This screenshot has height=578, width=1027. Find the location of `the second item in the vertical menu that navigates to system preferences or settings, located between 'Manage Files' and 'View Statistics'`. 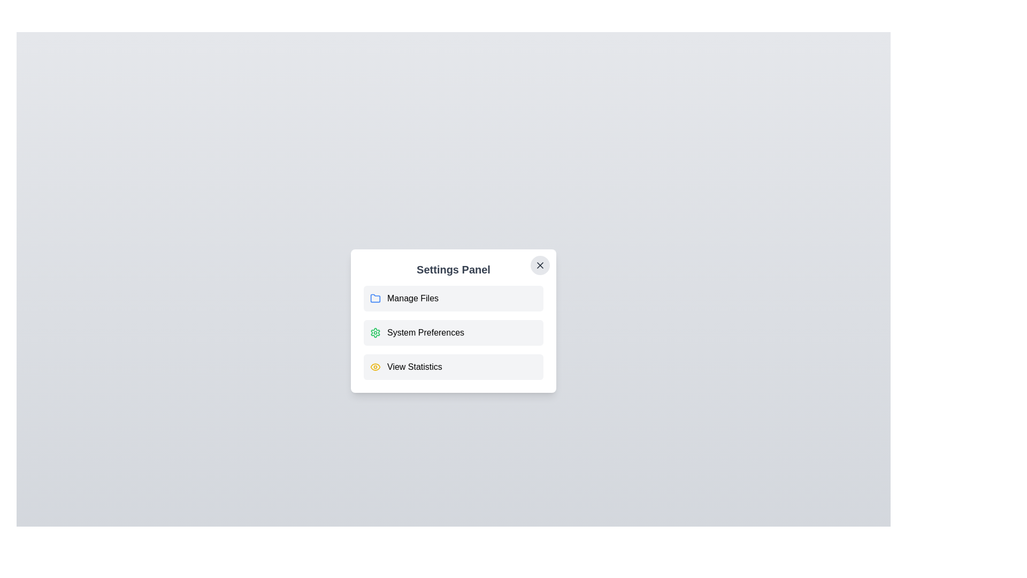

the second item in the vertical menu that navigates to system preferences or settings, located between 'Manage Files' and 'View Statistics' is located at coordinates (454, 332).